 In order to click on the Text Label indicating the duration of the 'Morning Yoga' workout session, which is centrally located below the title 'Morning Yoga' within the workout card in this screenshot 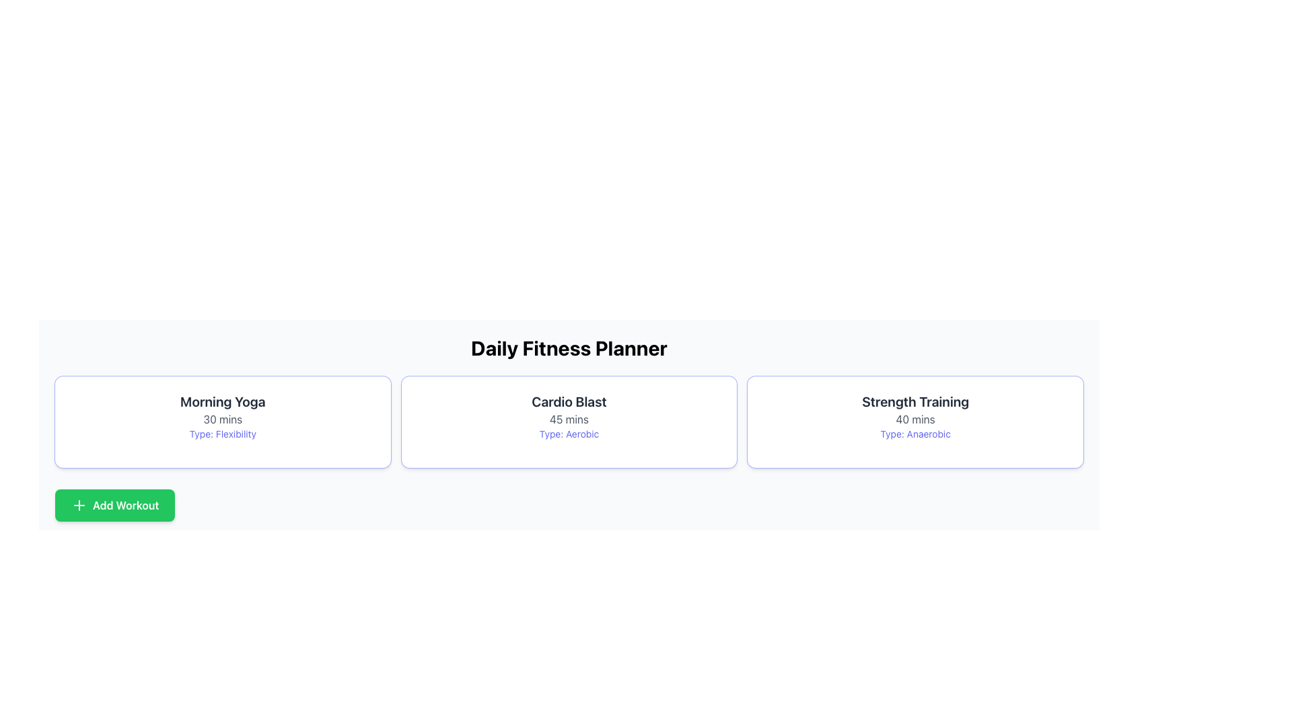, I will do `click(223, 419)`.